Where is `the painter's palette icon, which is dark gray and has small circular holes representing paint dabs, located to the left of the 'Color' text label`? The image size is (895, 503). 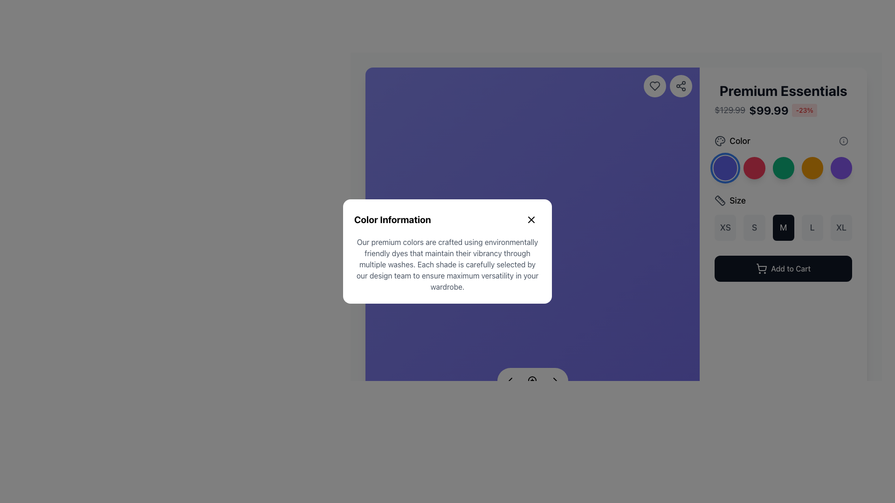 the painter's palette icon, which is dark gray and has small circular holes representing paint dabs, located to the left of the 'Color' text label is located at coordinates (720, 141).